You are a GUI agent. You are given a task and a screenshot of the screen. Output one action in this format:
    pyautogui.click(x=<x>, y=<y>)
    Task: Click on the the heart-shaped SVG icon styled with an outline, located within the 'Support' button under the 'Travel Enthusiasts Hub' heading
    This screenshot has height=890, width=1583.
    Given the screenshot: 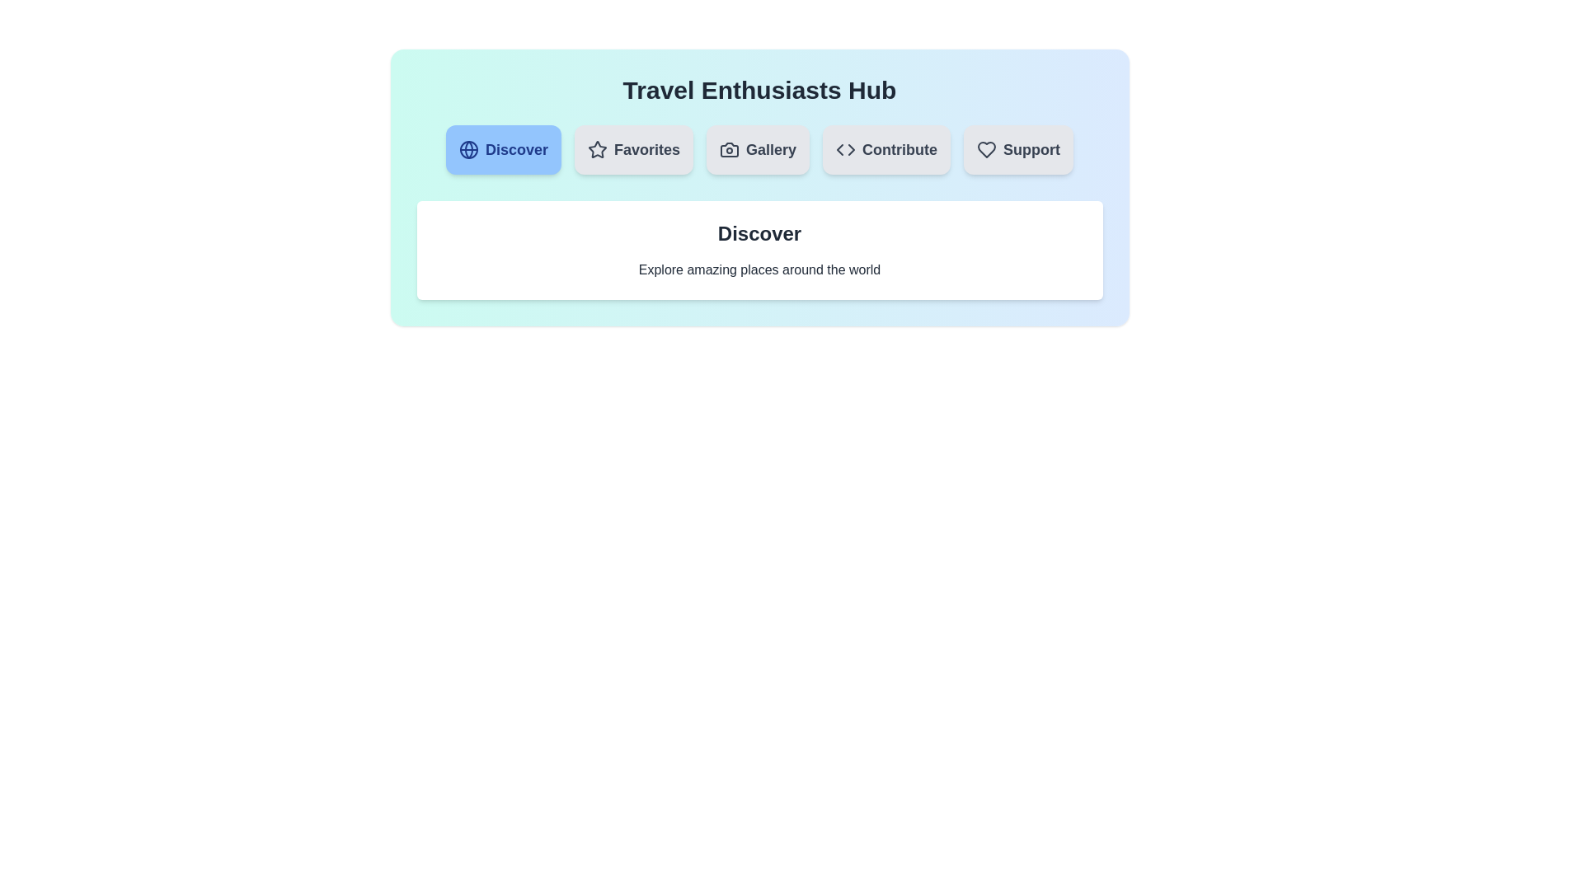 What is the action you would take?
    pyautogui.click(x=987, y=149)
    